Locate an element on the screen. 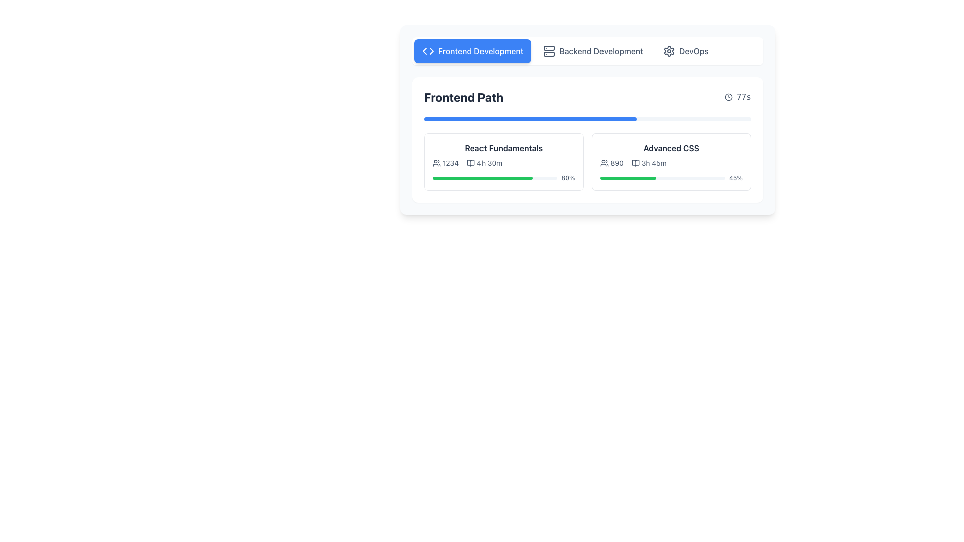 The height and width of the screenshot is (542, 964). the Interactive Card in the top row, left column that summarizes course details, located to the left of the 'Advanced CSS' card is located at coordinates (504, 162).